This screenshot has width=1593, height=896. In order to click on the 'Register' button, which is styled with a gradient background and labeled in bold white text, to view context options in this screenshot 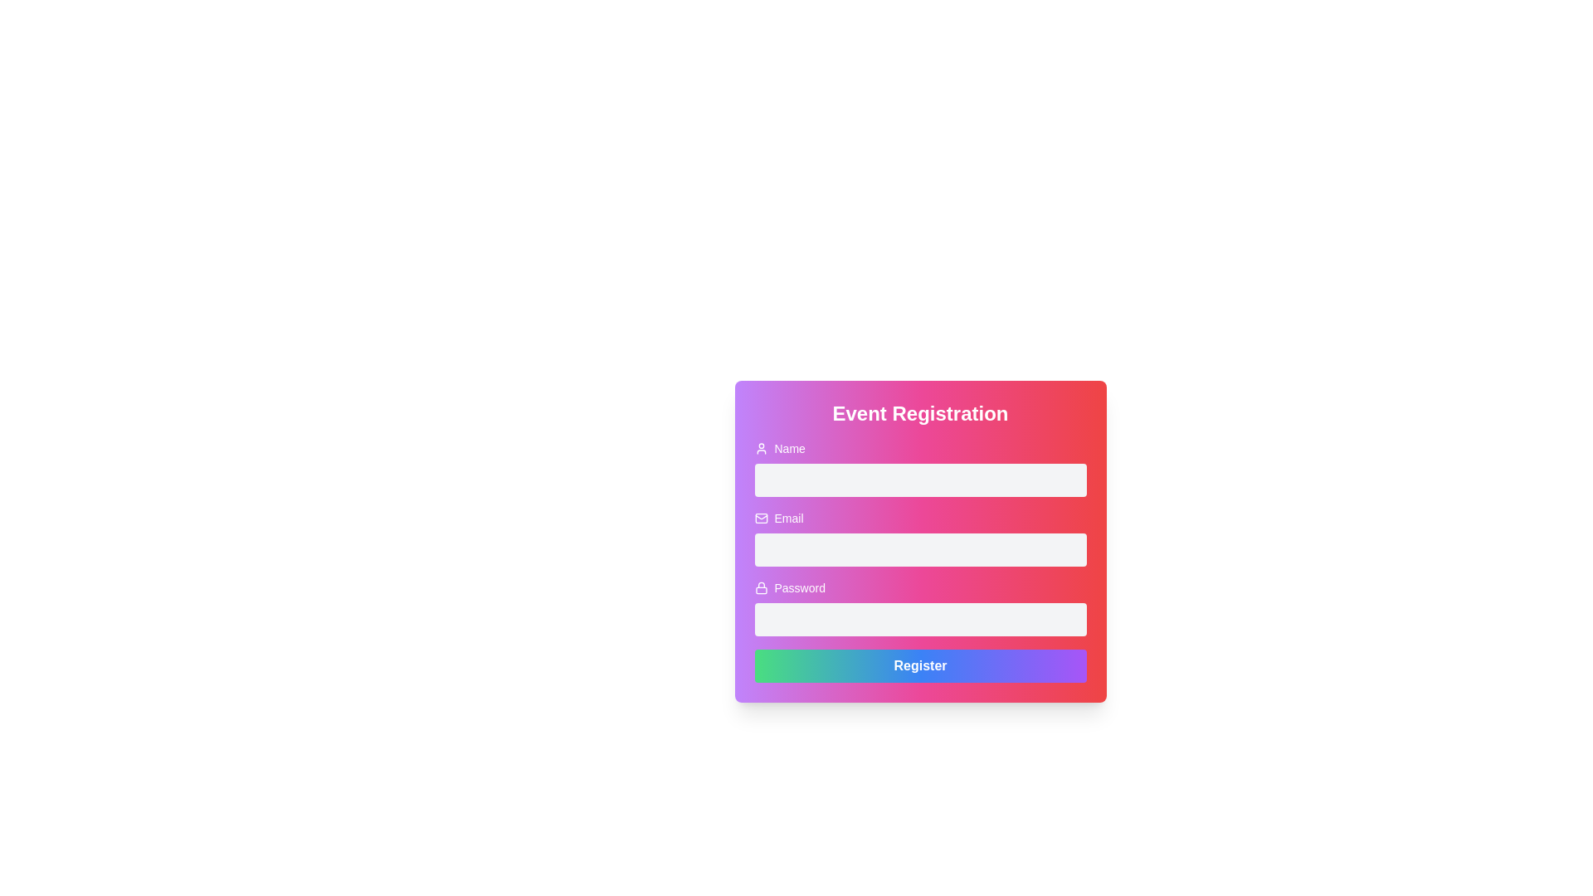, I will do `click(919, 665)`.